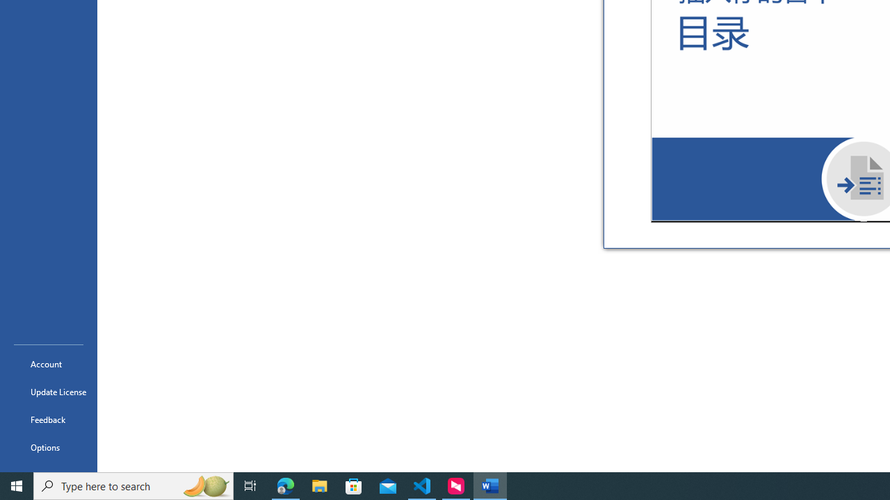 This screenshot has width=890, height=500. Describe the element at coordinates (319, 485) in the screenshot. I see `'File Explorer'` at that location.